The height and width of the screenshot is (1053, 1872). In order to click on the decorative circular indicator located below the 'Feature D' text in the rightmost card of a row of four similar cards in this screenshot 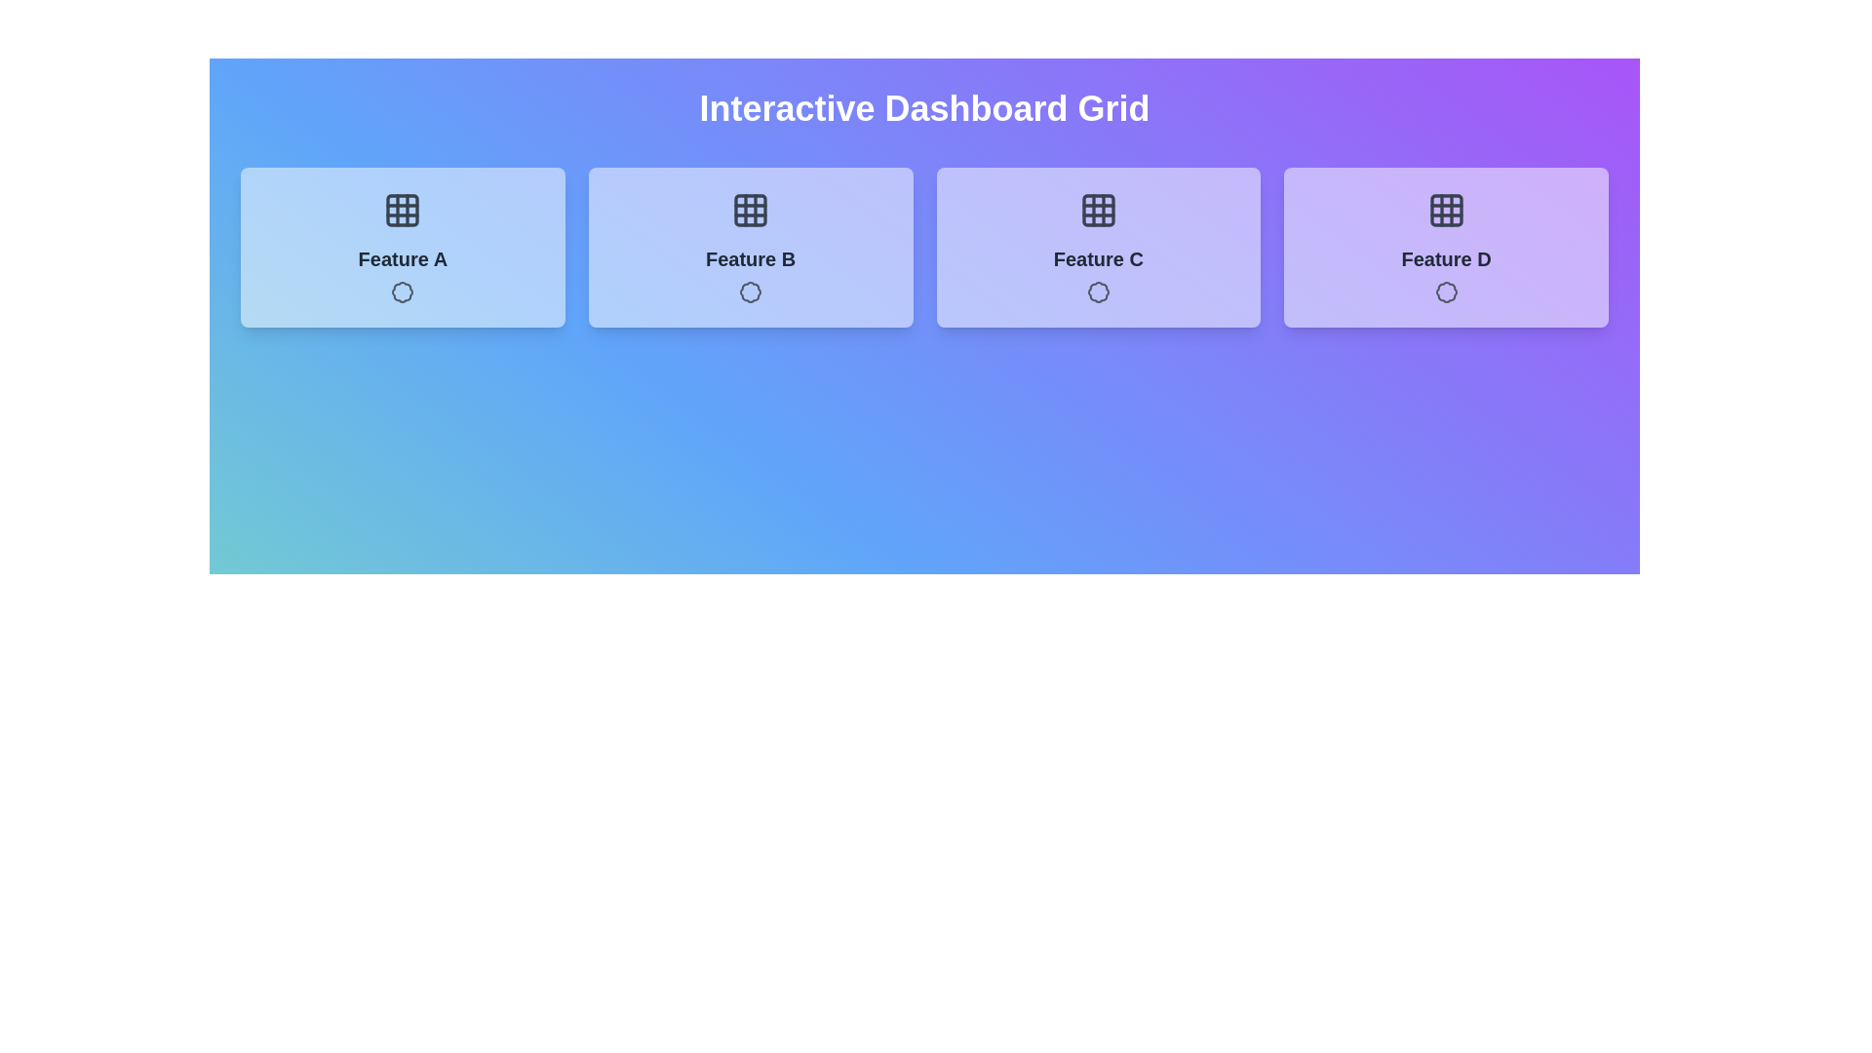, I will do `click(1446, 292)`.